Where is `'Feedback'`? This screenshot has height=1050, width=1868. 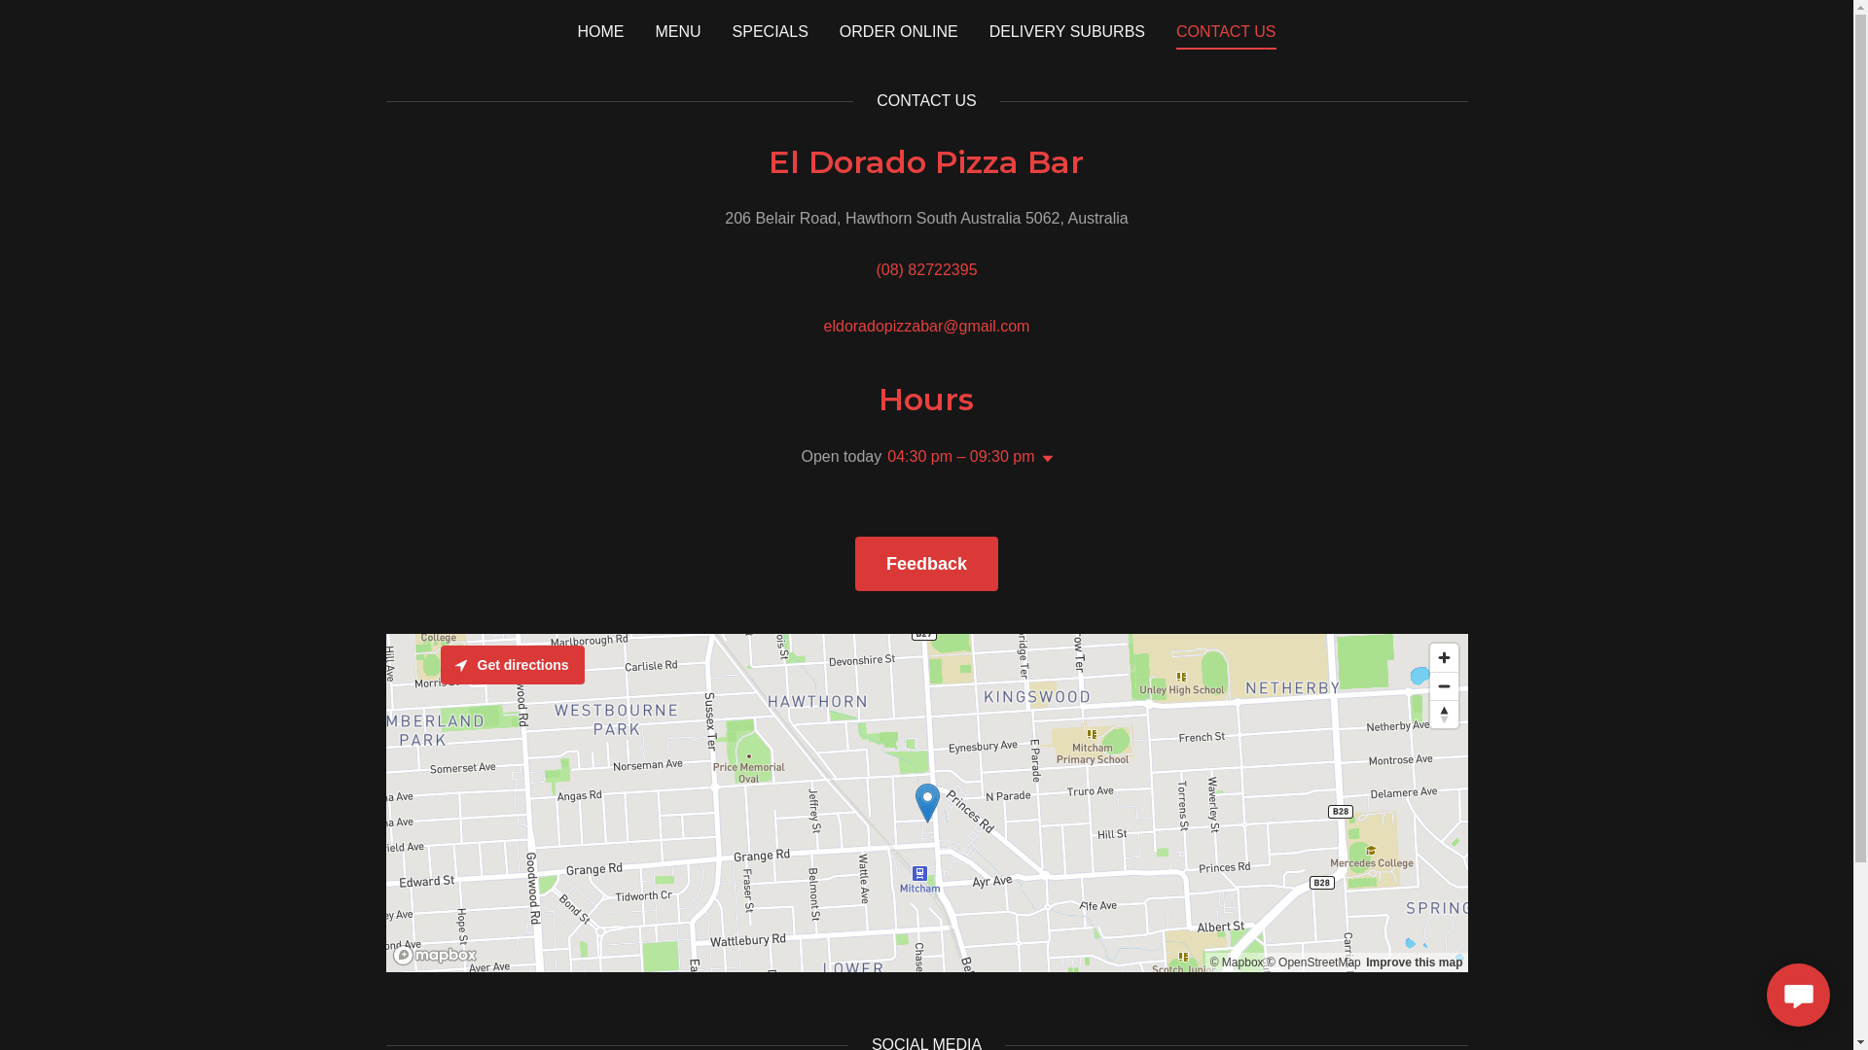
'Feedback' is located at coordinates (854, 563).